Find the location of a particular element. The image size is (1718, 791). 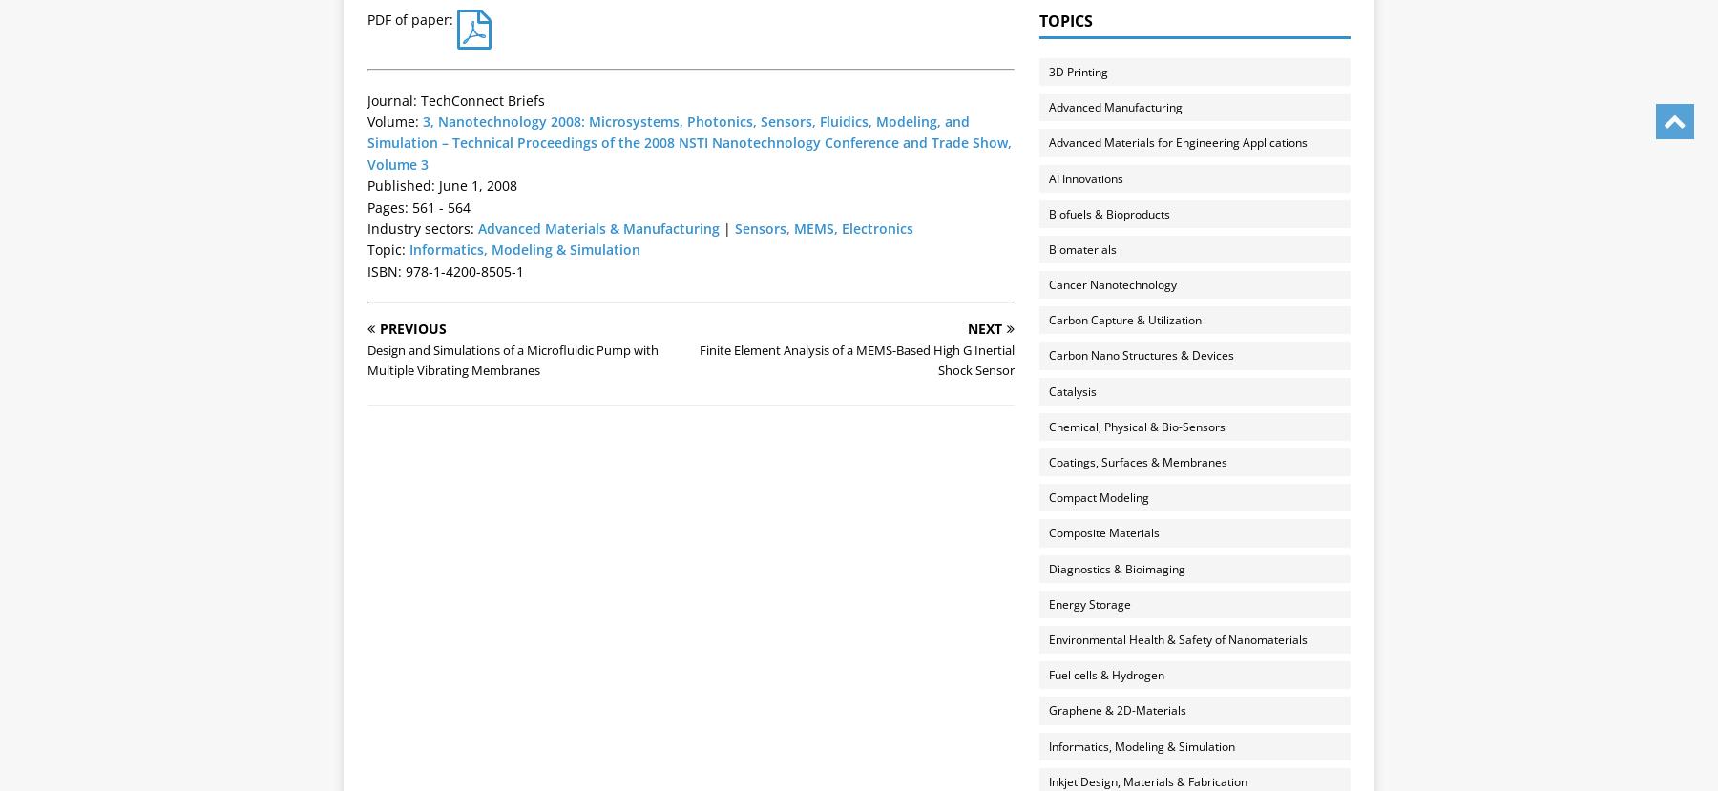

'Pages: 561 - 564' is located at coordinates (419, 205).